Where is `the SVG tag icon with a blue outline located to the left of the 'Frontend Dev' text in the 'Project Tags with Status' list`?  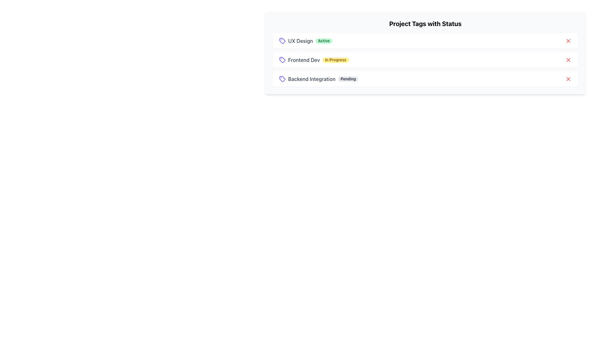 the SVG tag icon with a blue outline located to the left of the 'Frontend Dev' text in the 'Project Tags with Status' list is located at coordinates (282, 60).